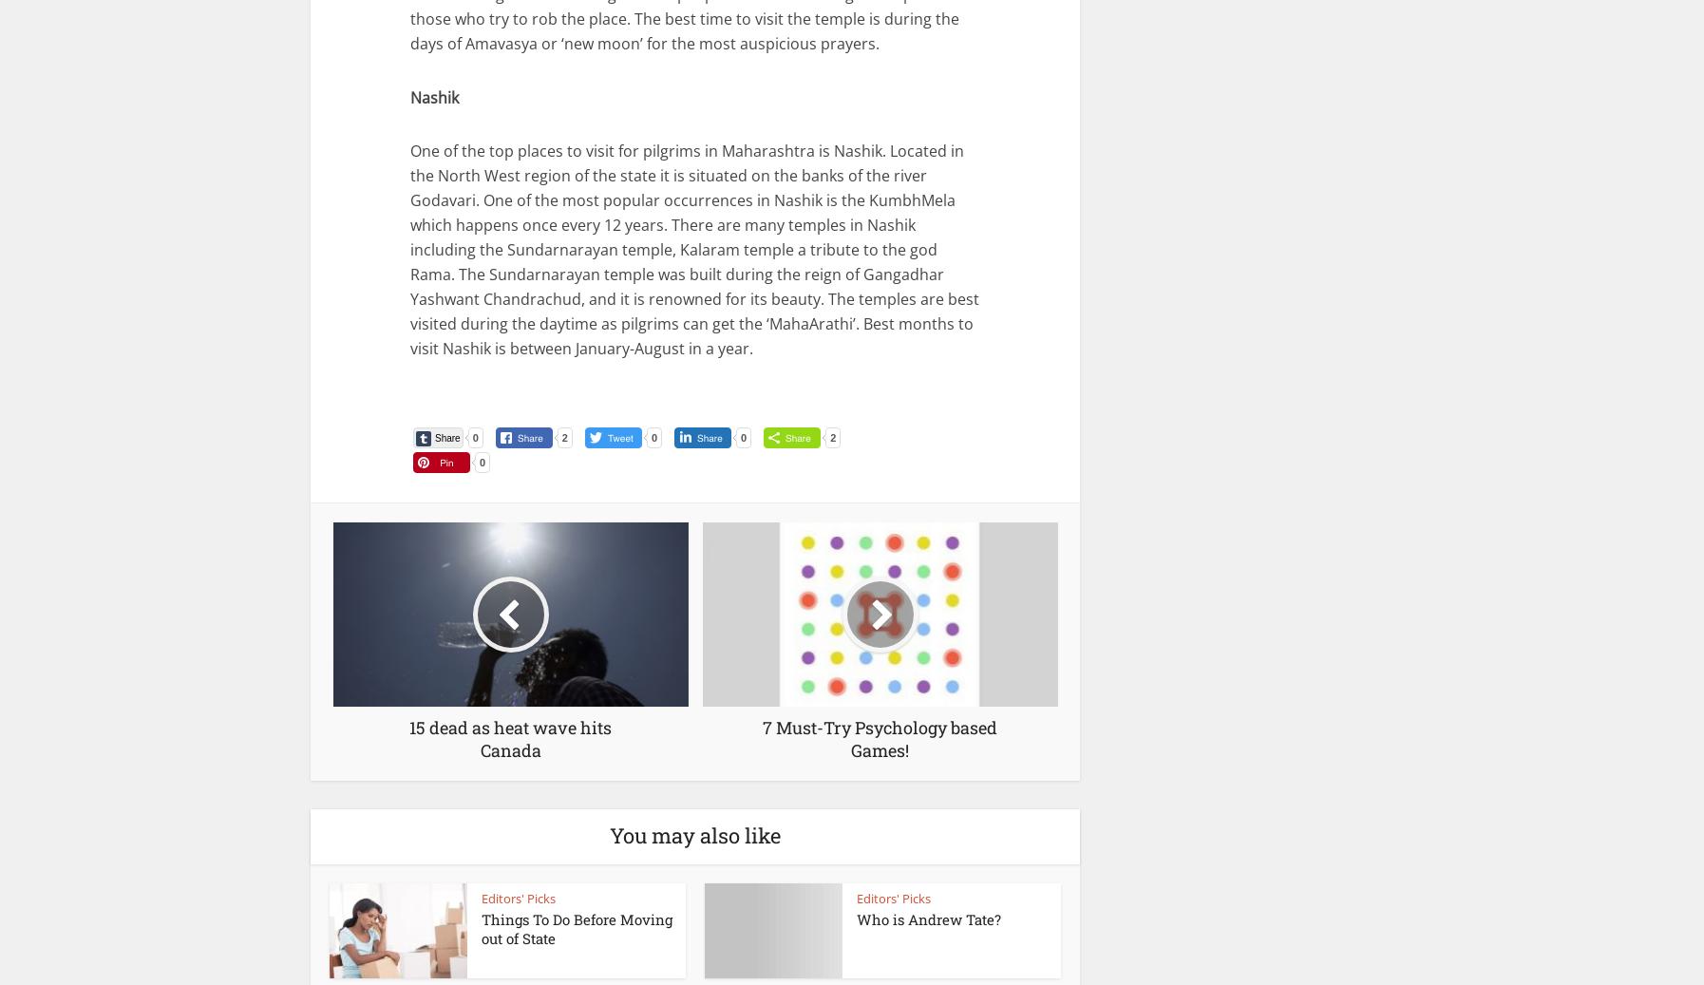 The width and height of the screenshot is (1704, 985). I want to click on 'Things To Do Before Moving out of State', so click(577, 928).